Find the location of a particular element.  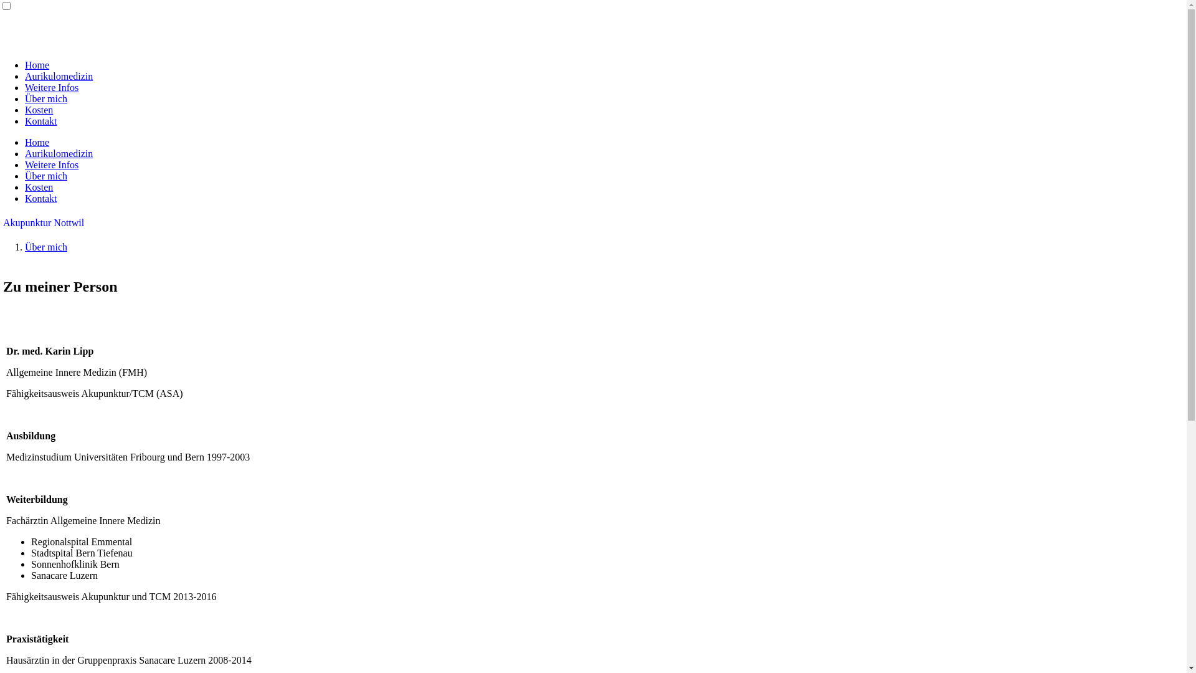

'Kontakt' is located at coordinates (41, 198).